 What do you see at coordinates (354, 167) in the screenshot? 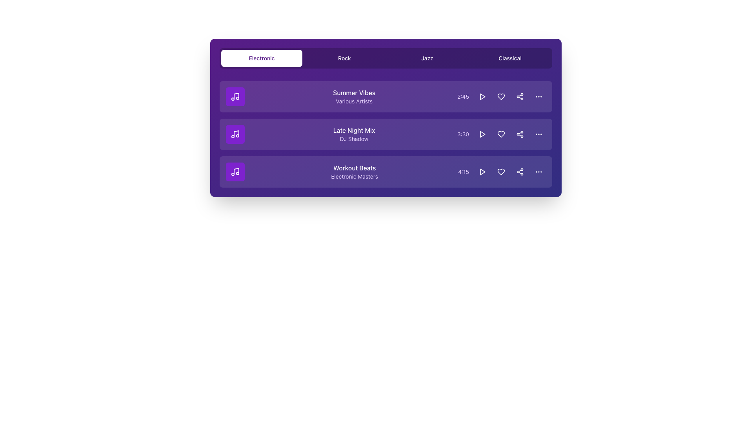
I see `text content of the 'Workout Beats' title element, which is styled in a medium-weight font with a white color on a purple background, located under the 'Electronic' tab as the third item in the list` at bounding box center [354, 167].